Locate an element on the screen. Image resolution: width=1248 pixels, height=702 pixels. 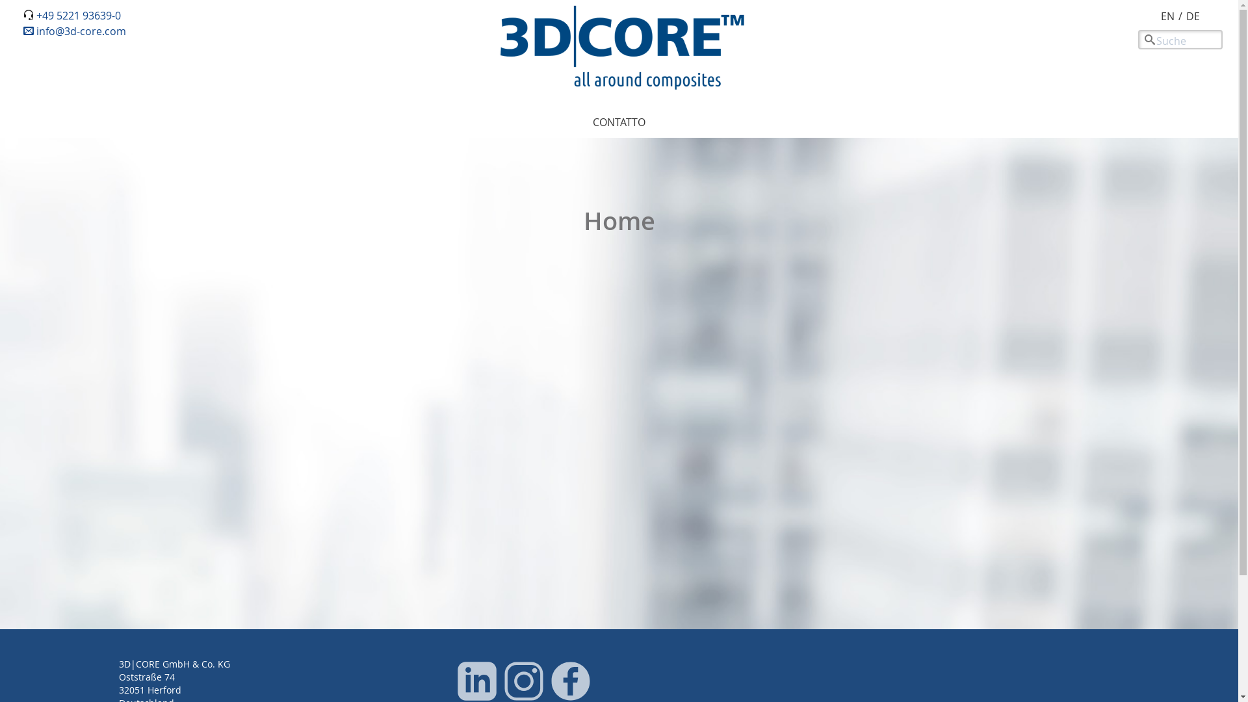
'info@3d-core.com' is located at coordinates (74, 30).